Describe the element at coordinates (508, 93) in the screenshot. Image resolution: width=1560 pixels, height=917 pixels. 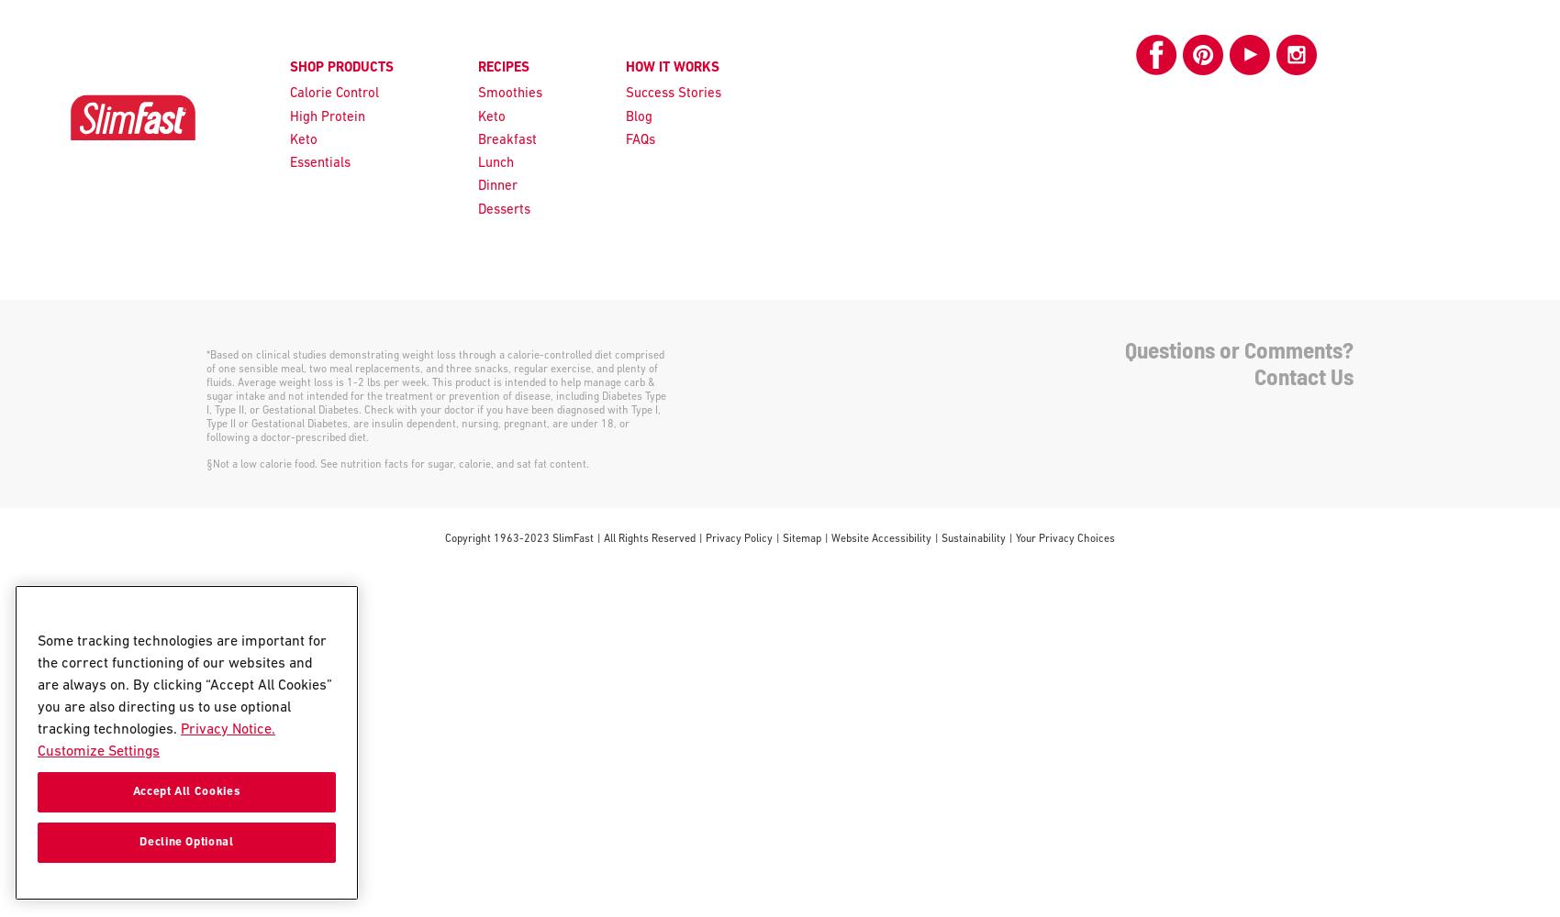
I see `'Smoothies'` at that location.